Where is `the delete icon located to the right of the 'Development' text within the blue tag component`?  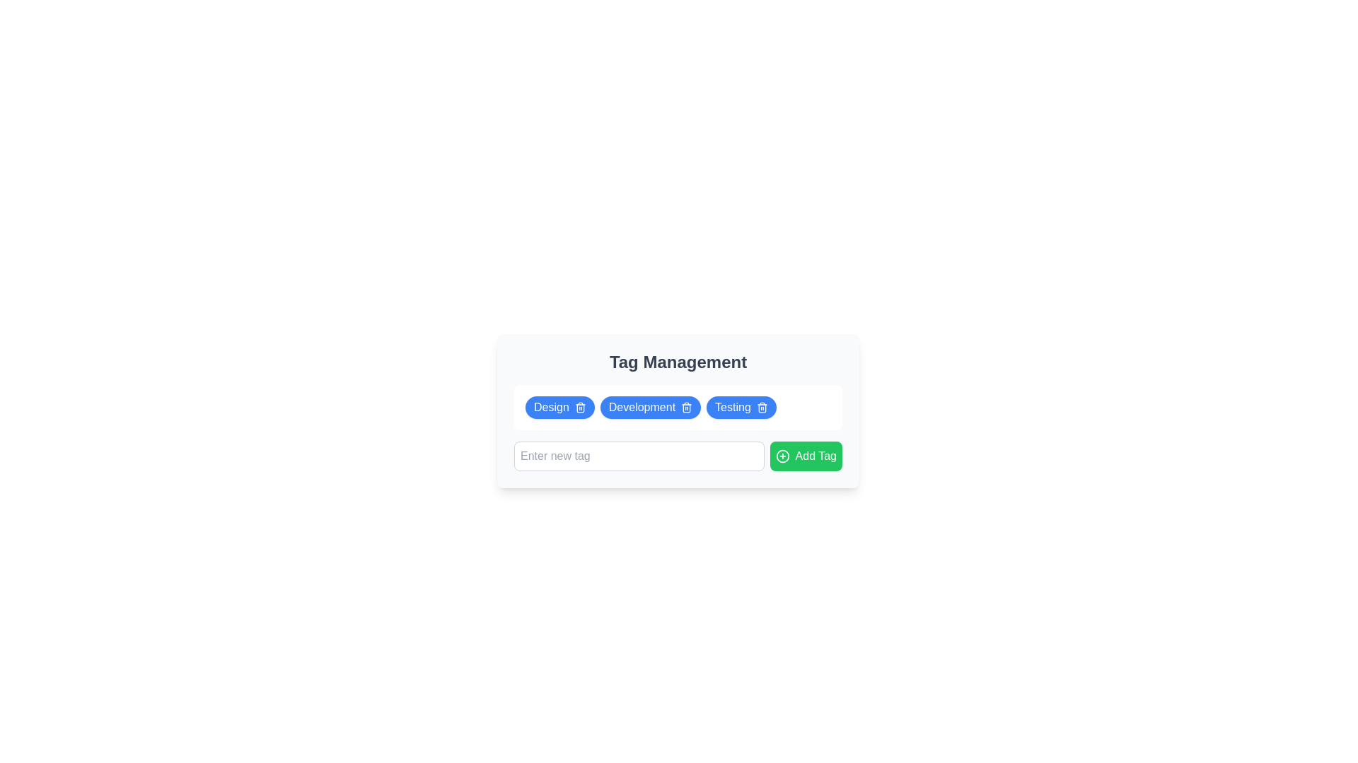 the delete icon located to the right of the 'Development' text within the blue tag component is located at coordinates (687, 408).